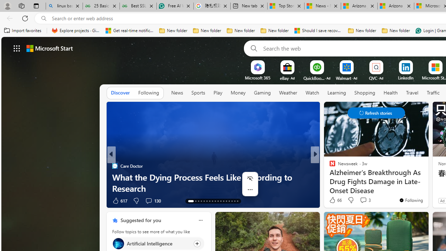 This screenshot has height=251, width=446. What do you see at coordinates (334, 200) in the screenshot?
I see `'477 Like'` at bounding box center [334, 200].